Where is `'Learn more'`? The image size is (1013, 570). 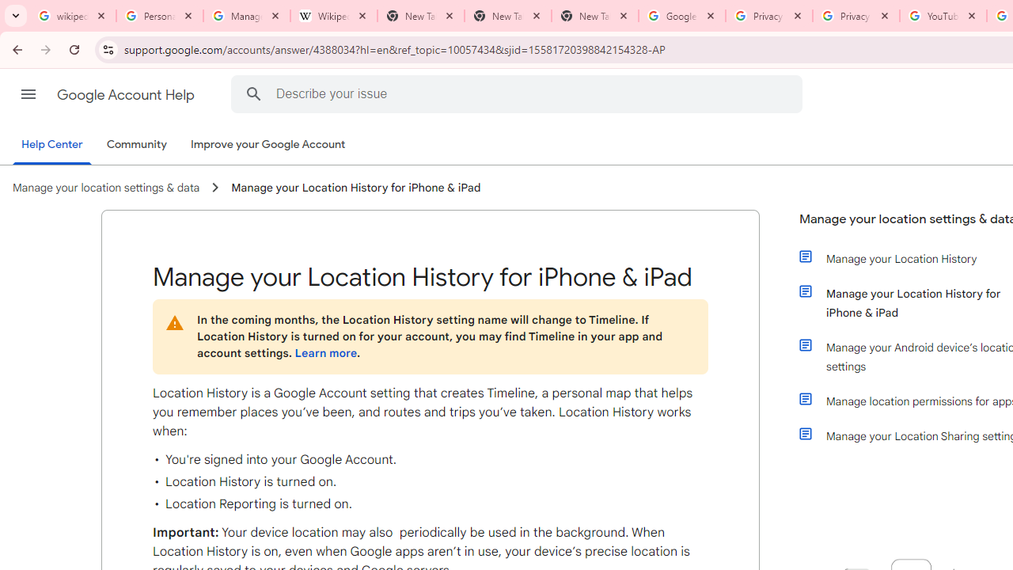
'Learn more' is located at coordinates (324, 352).